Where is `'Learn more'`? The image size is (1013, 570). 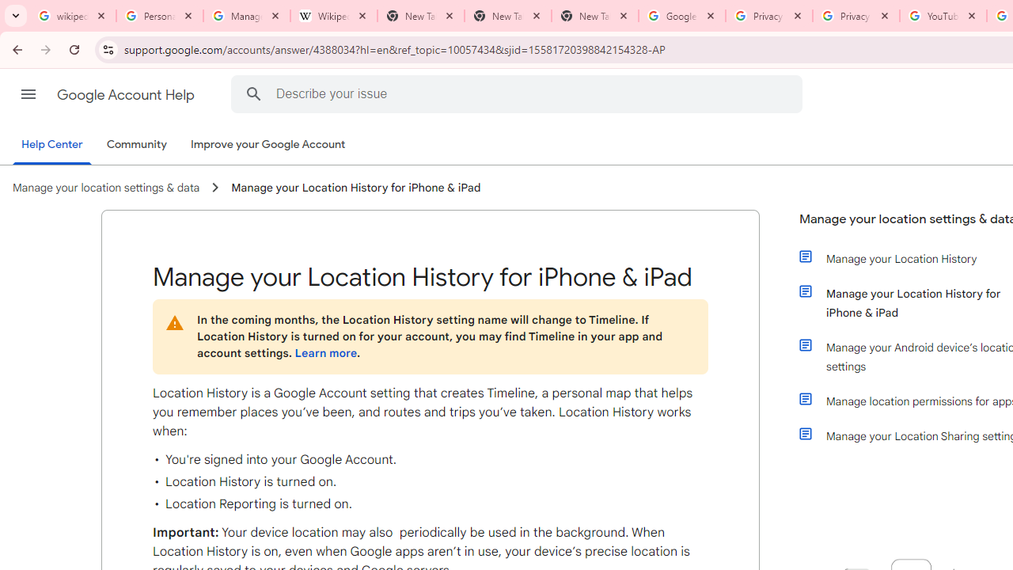
'Learn more' is located at coordinates (324, 352).